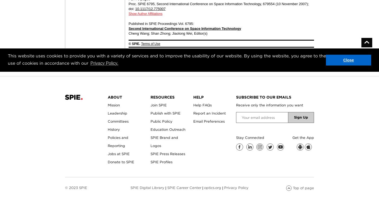  What do you see at coordinates (164, 142) in the screenshot?
I see `'SPIE Brand and Logos'` at bounding box center [164, 142].